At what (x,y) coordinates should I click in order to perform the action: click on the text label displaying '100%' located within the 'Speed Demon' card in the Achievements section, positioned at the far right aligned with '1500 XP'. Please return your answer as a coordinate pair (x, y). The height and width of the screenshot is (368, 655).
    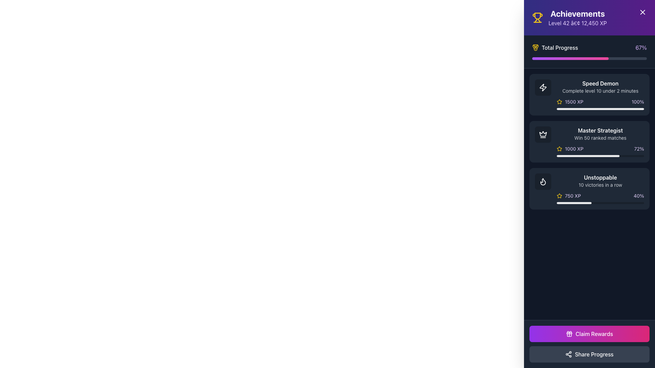
    Looking at the image, I should click on (637, 102).